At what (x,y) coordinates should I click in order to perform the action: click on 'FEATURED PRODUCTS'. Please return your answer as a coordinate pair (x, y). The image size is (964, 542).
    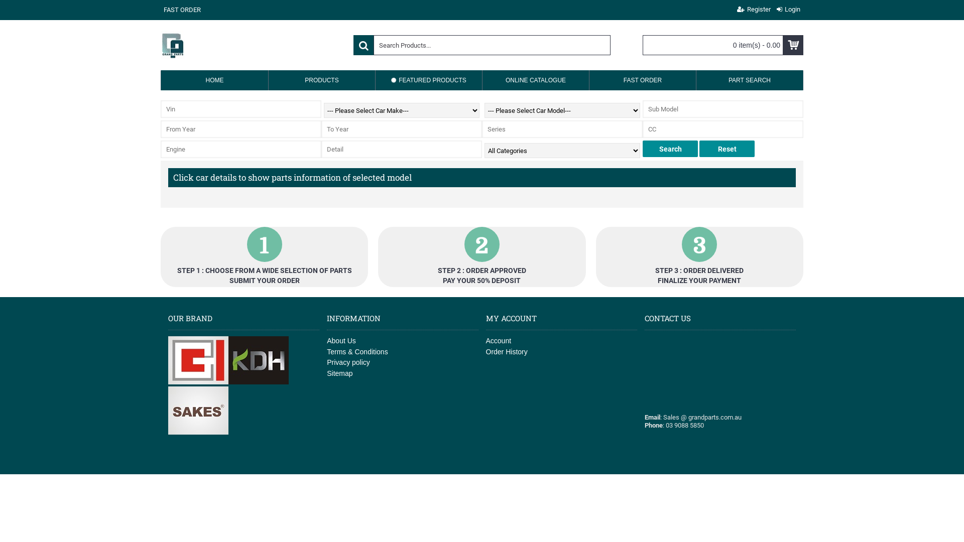
    Looking at the image, I should click on (429, 79).